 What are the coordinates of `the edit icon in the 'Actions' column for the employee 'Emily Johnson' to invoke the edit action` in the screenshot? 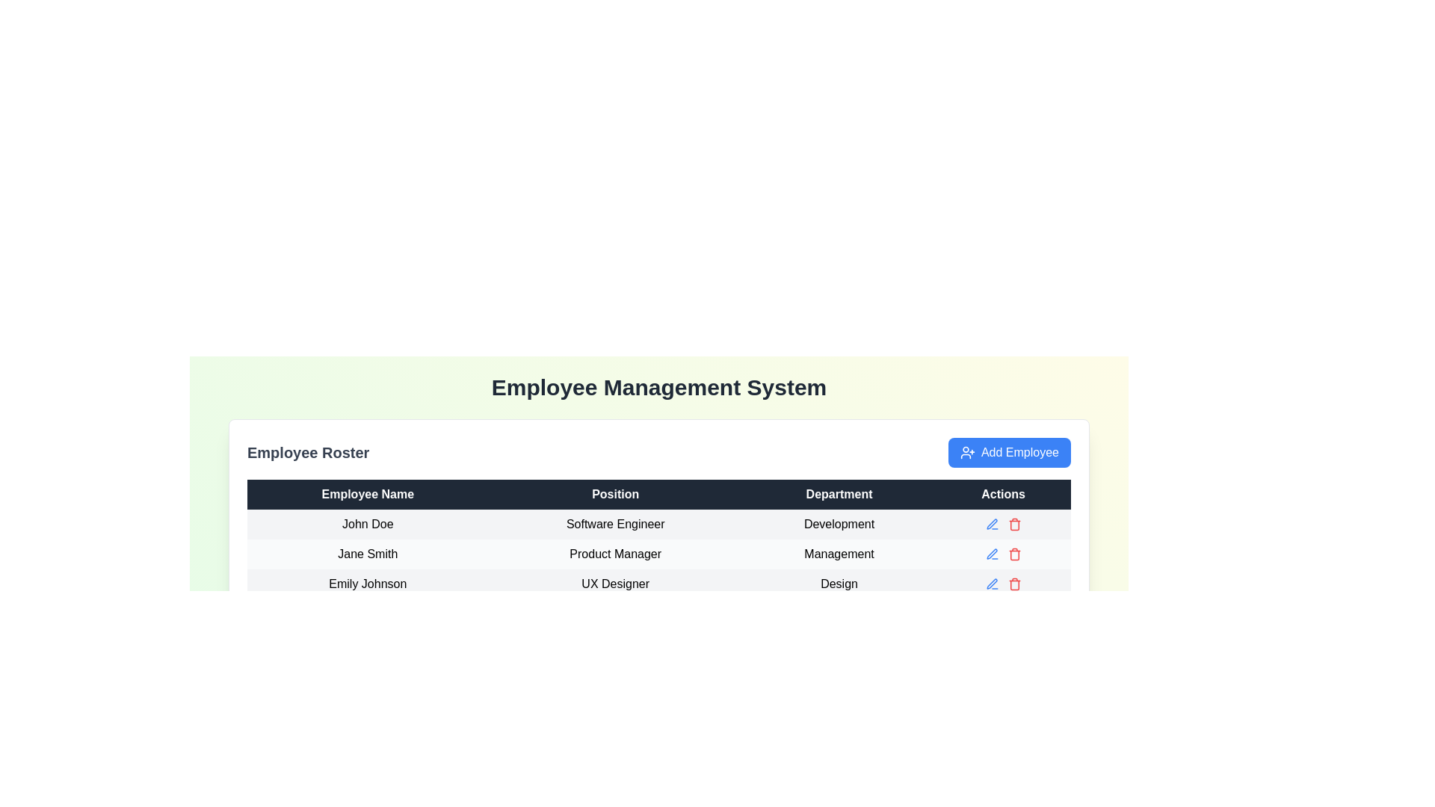 It's located at (992, 583).